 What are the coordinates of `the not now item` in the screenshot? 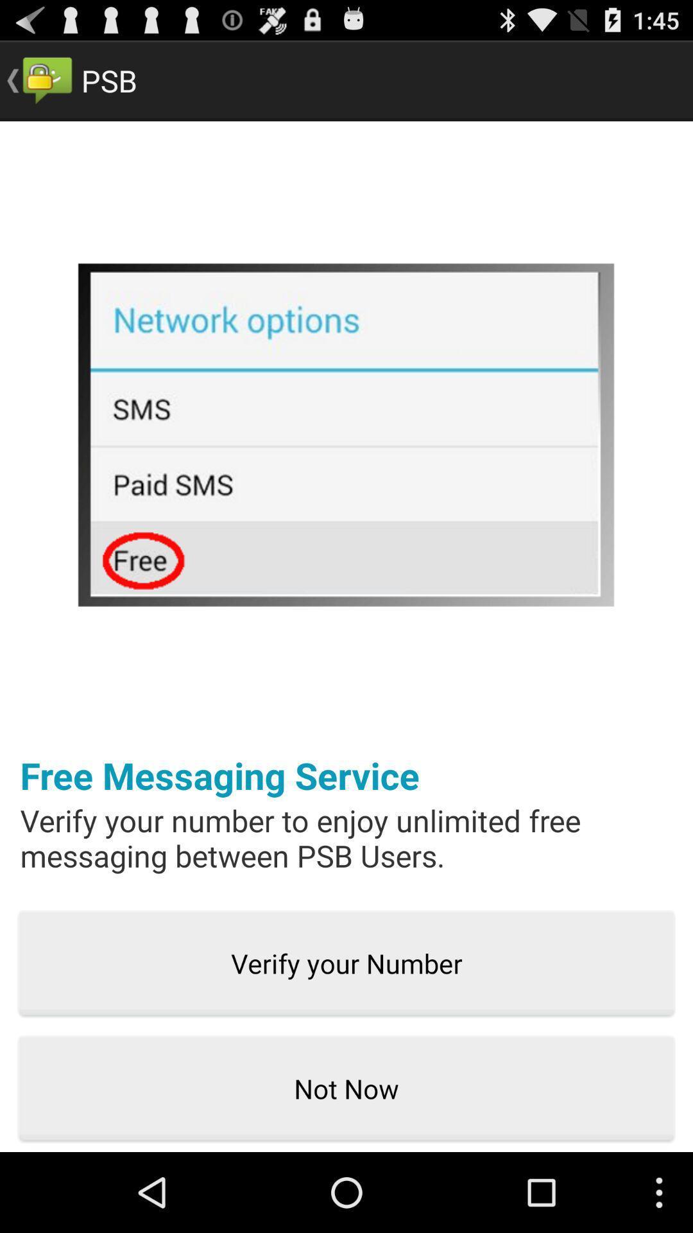 It's located at (346, 1089).